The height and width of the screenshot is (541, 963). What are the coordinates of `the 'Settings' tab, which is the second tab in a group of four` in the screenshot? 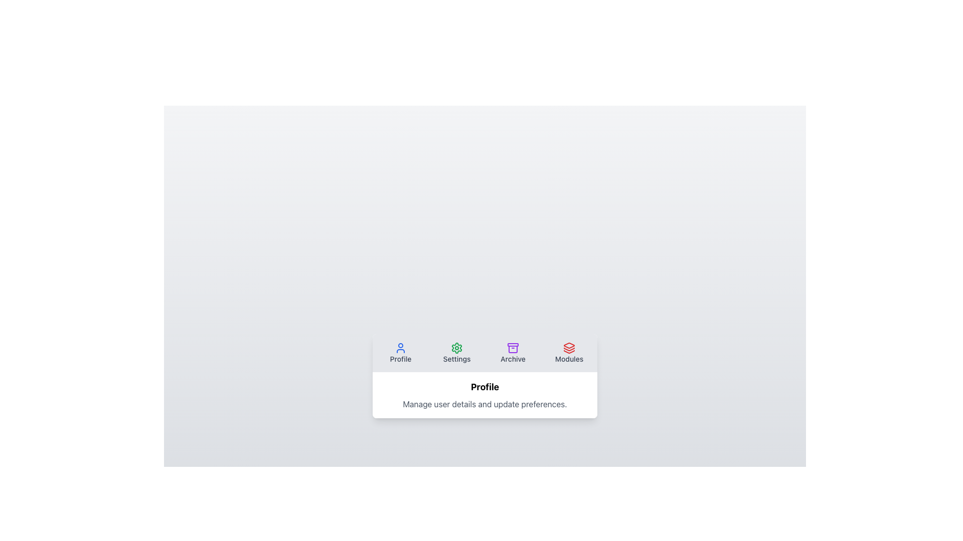 It's located at (456, 353).